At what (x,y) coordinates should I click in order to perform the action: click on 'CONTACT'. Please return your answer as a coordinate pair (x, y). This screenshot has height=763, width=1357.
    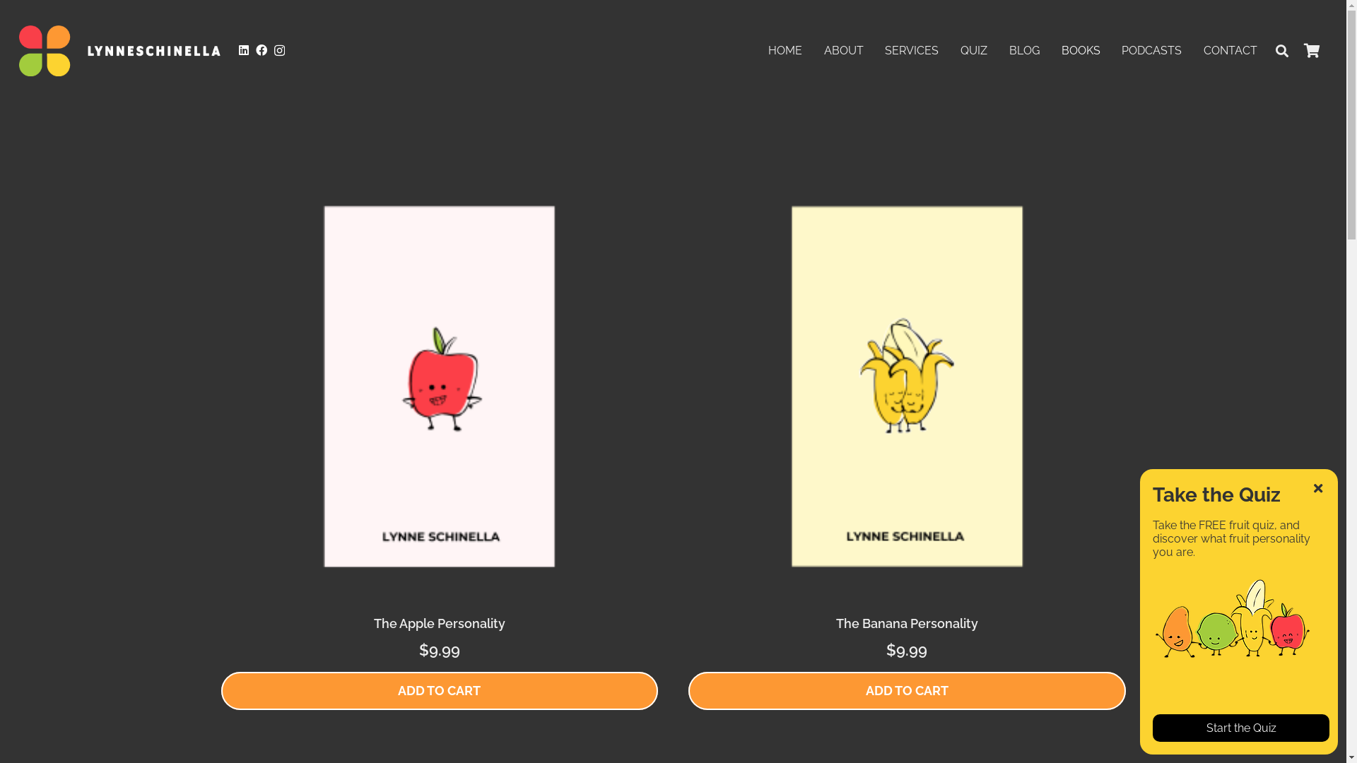
    Looking at the image, I should click on (1230, 50).